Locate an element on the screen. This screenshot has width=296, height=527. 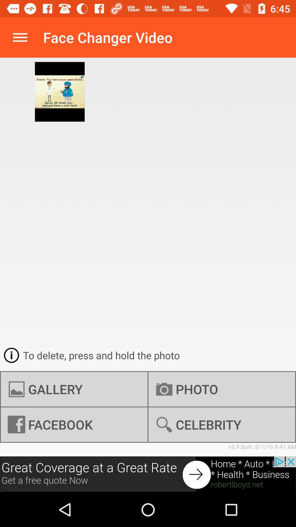
open menu is located at coordinates (20, 37).